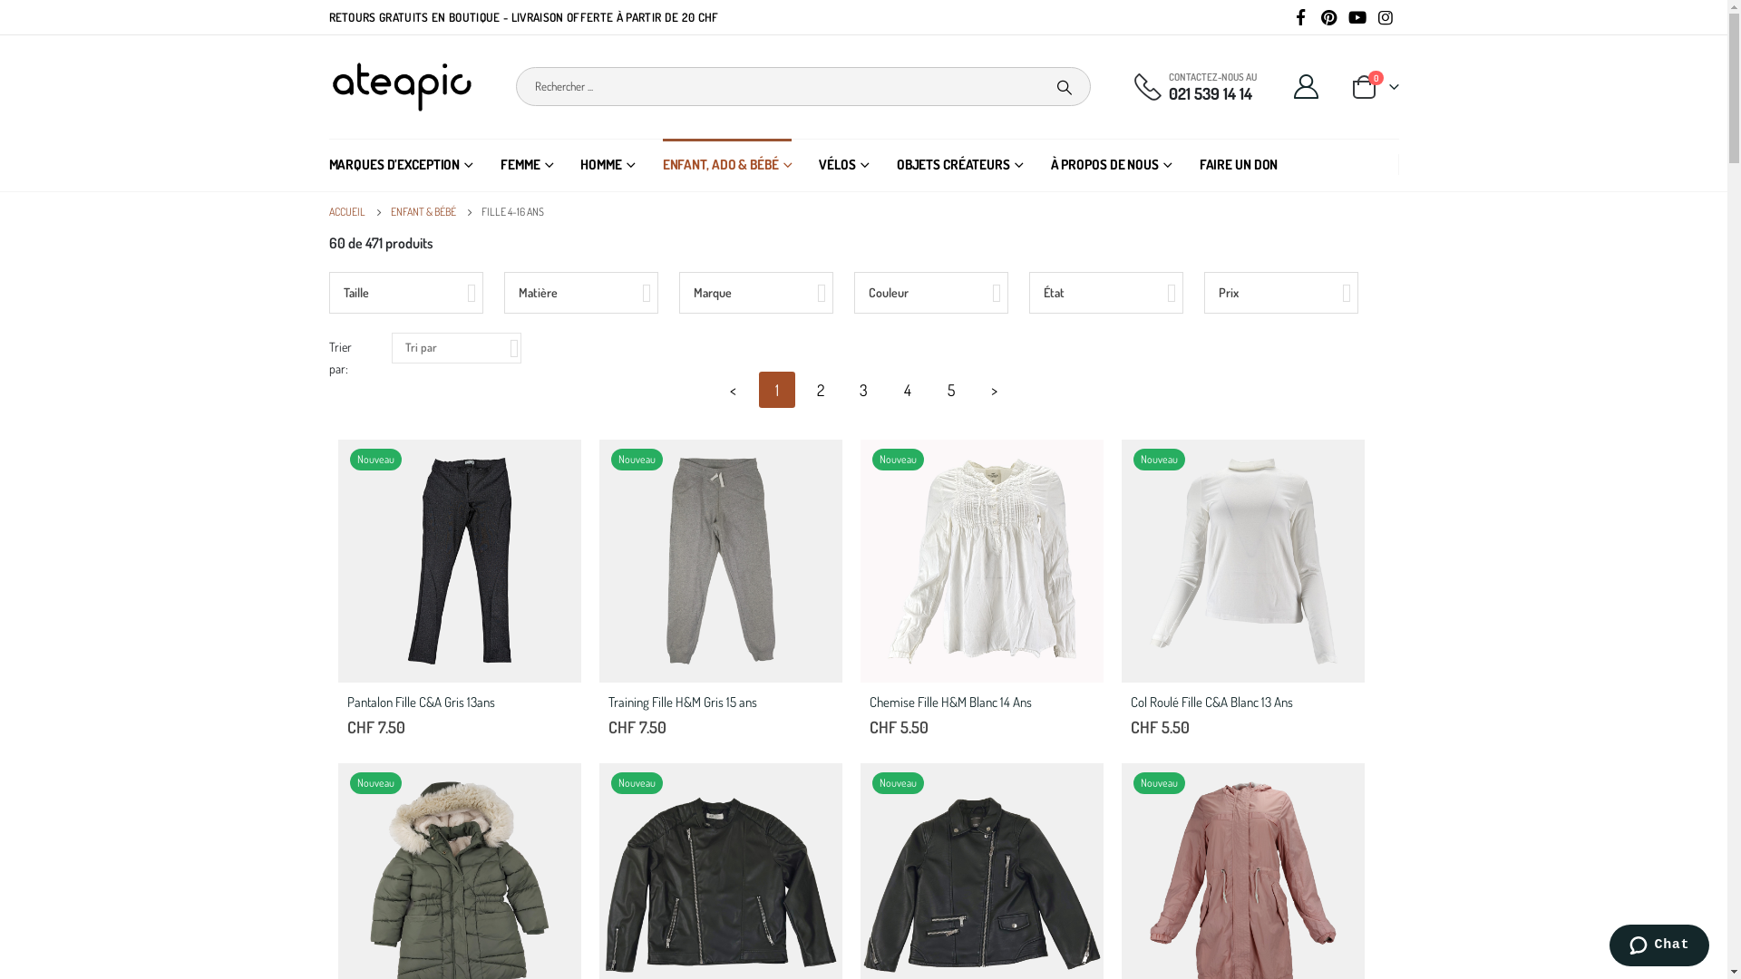 The width and height of the screenshot is (1741, 979). Describe the element at coordinates (948, 388) in the screenshot. I see `'5'` at that location.